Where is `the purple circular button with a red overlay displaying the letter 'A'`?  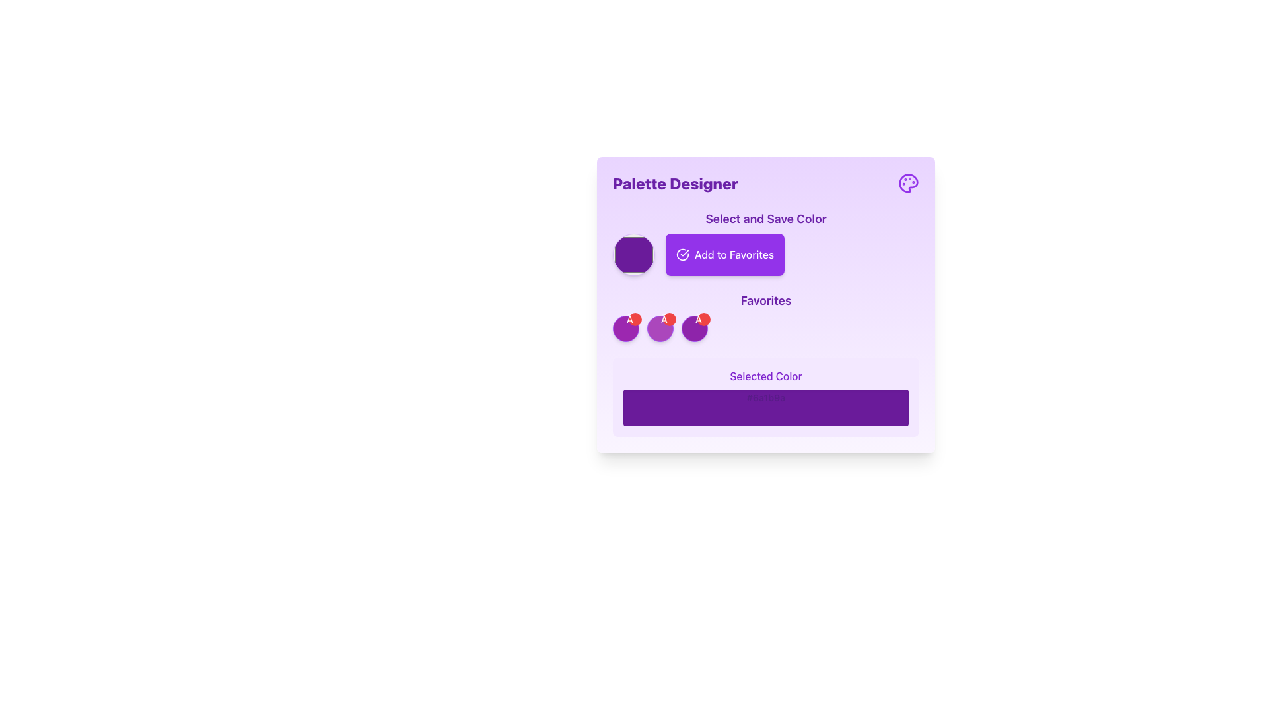 the purple circular button with a red overlay displaying the letter 'A' is located at coordinates (660, 327).